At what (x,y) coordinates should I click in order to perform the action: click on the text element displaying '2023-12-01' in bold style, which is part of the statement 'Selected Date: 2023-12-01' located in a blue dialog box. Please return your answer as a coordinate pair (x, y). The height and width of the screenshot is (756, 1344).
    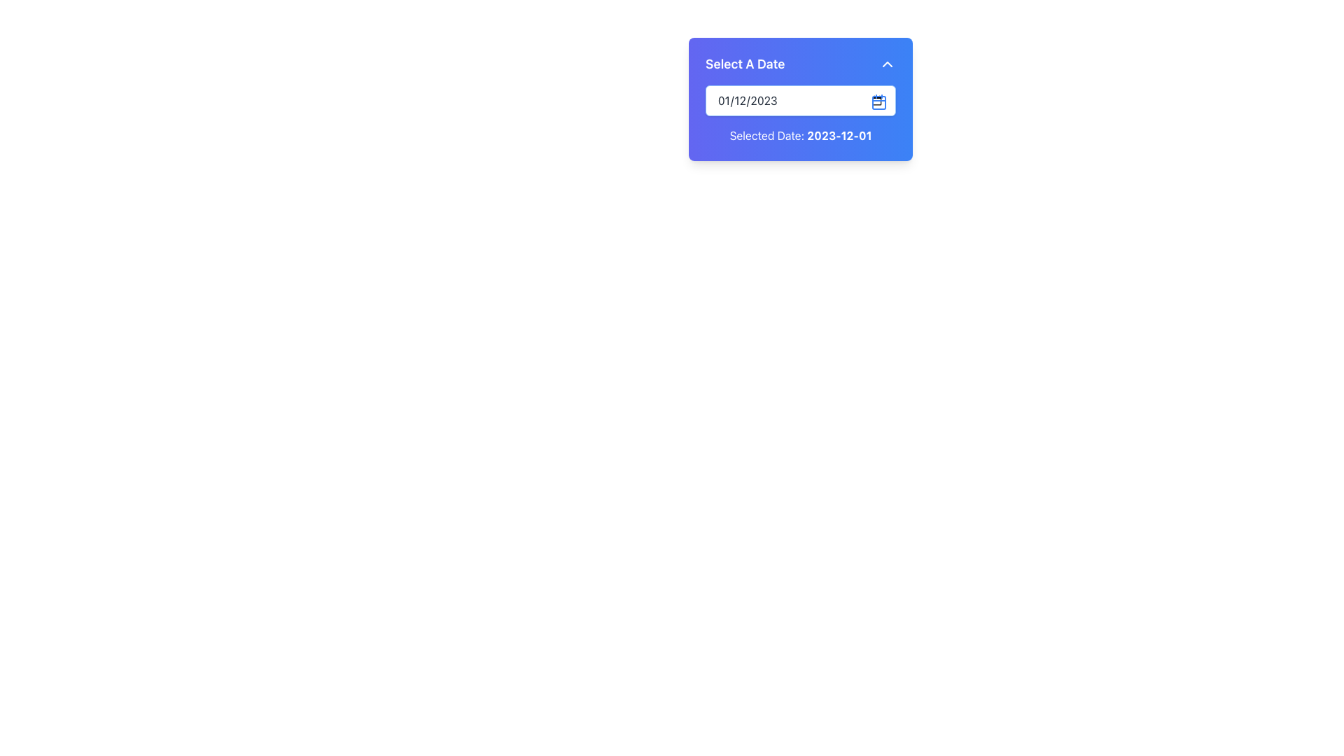
    Looking at the image, I should click on (839, 135).